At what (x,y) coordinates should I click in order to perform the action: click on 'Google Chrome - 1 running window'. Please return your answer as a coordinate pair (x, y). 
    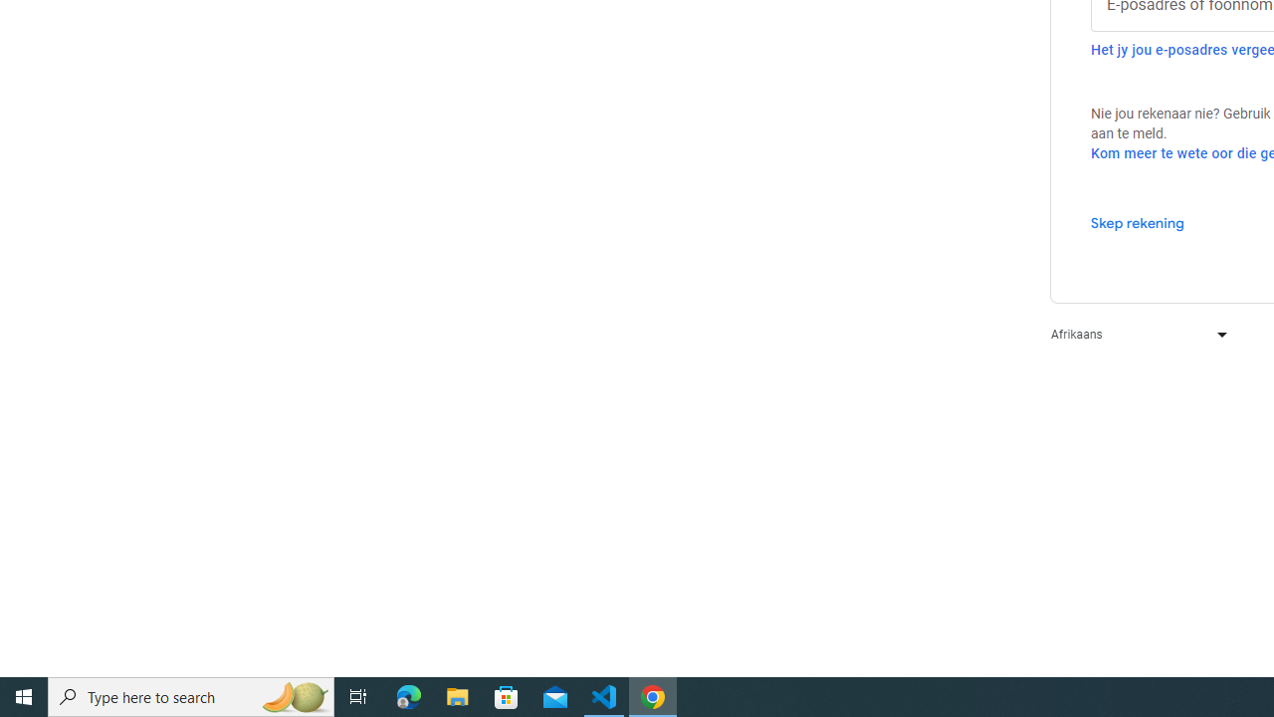
    Looking at the image, I should click on (653, 695).